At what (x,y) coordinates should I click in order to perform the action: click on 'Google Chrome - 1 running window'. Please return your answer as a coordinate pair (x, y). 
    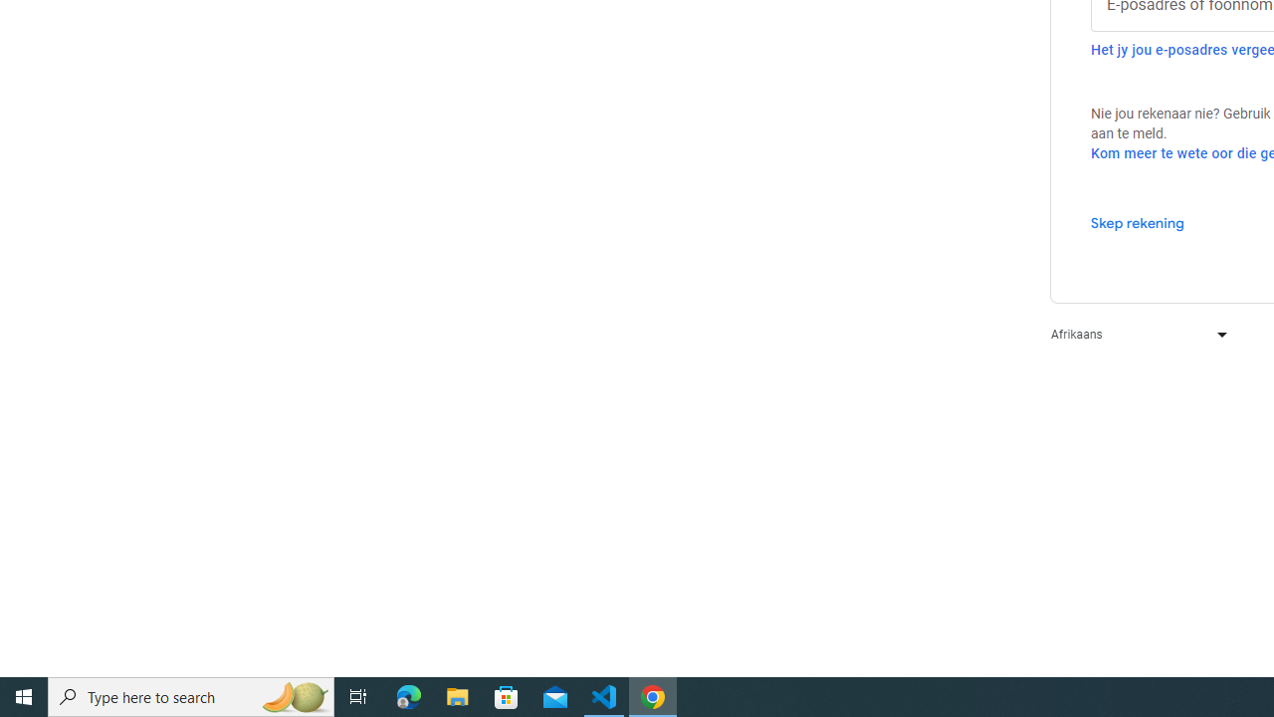
    Looking at the image, I should click on (653, 695).